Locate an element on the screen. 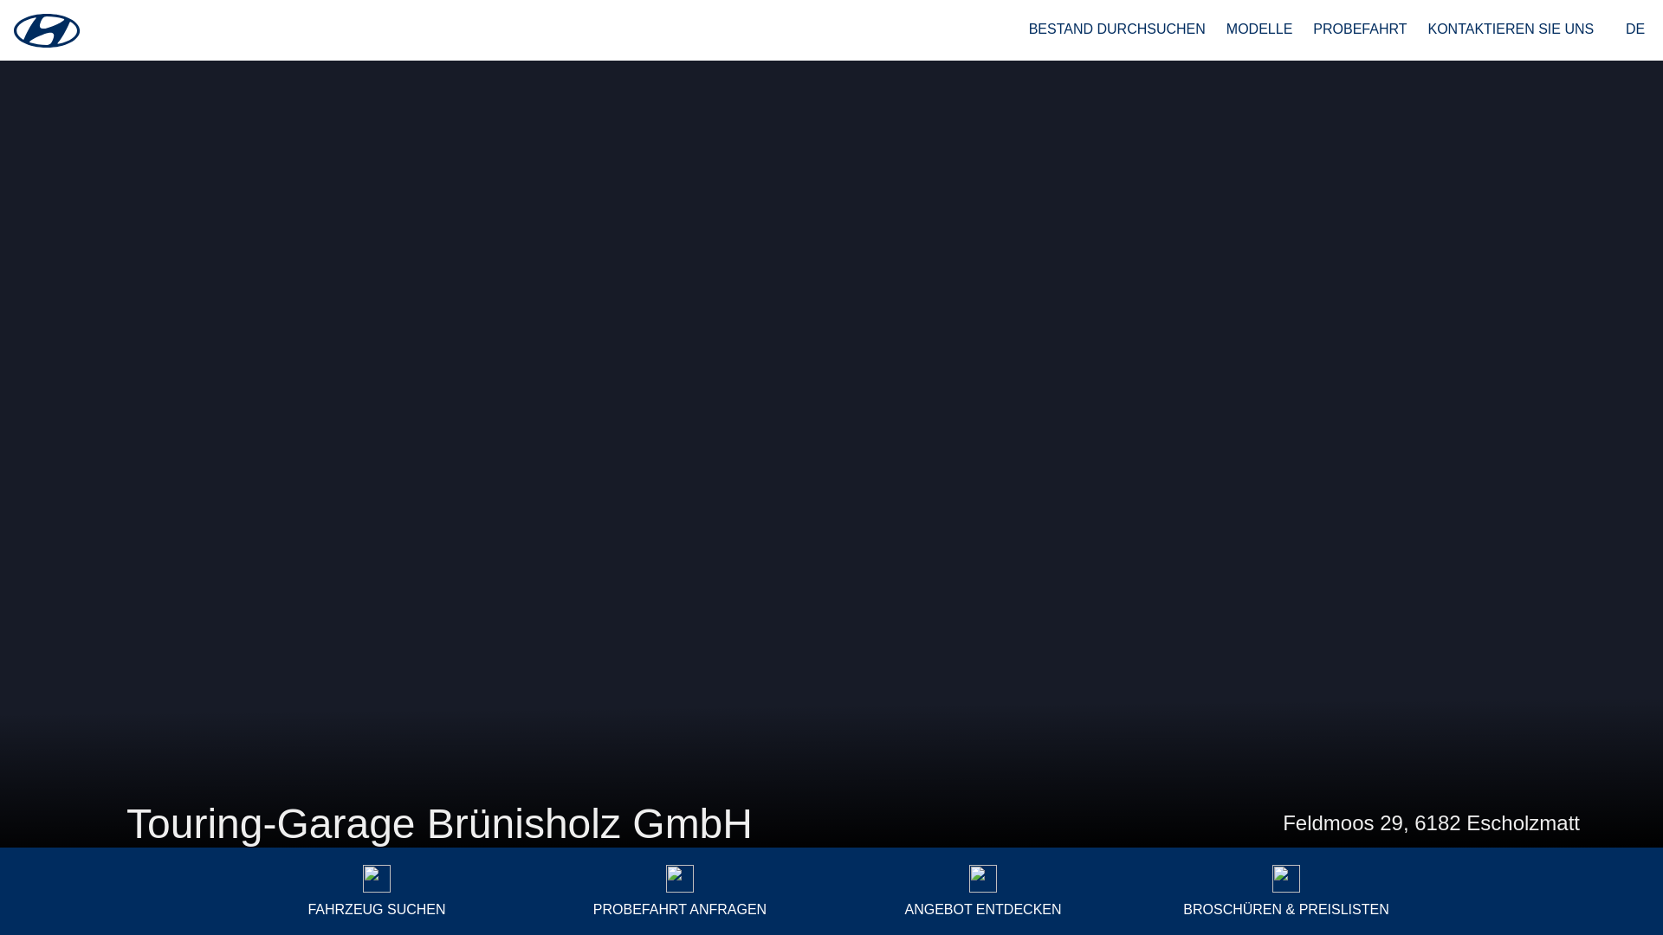 The image size is (1663, 935). 'PROBEFAHRT ANFRAGEN' is located at coordinates (679, 891).